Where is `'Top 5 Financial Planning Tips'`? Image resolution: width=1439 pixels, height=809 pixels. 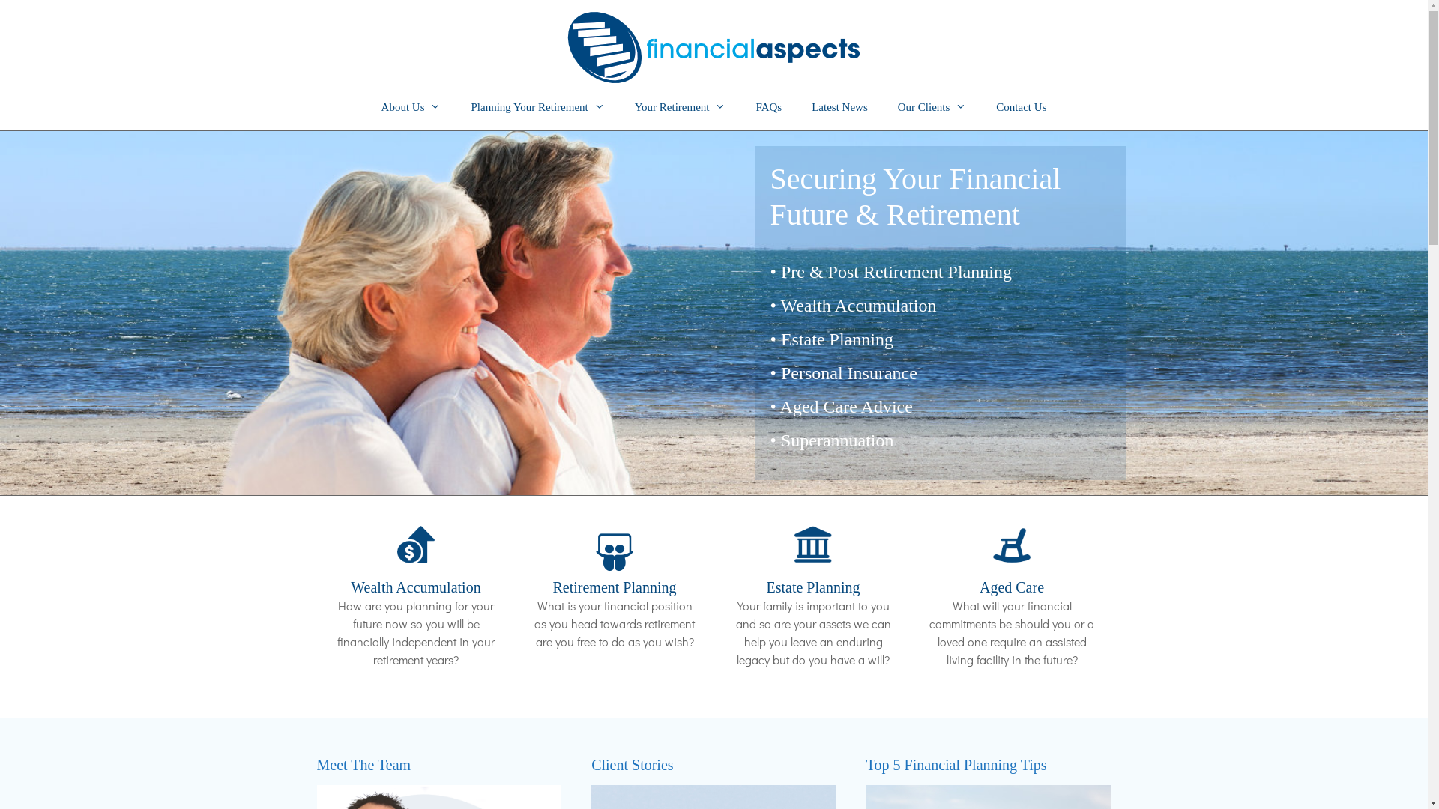 'Top 5 Financial Planning Tips' is located at coordinates (866, 765).